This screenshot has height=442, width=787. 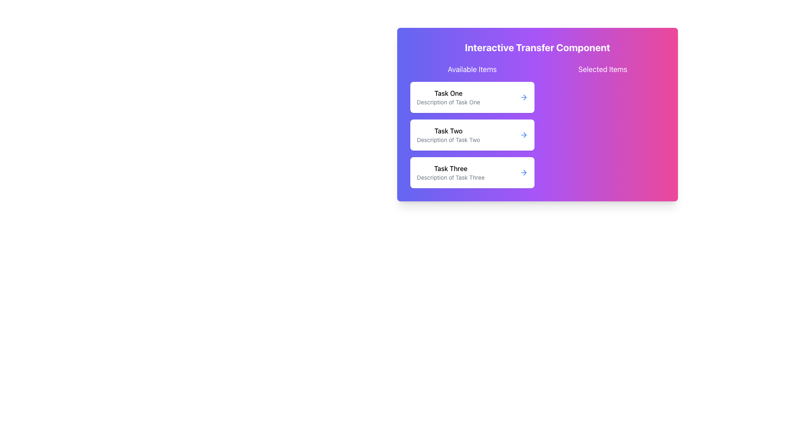 I want to click on the list item labeled 'Task Three', so click(x=472, y=172).